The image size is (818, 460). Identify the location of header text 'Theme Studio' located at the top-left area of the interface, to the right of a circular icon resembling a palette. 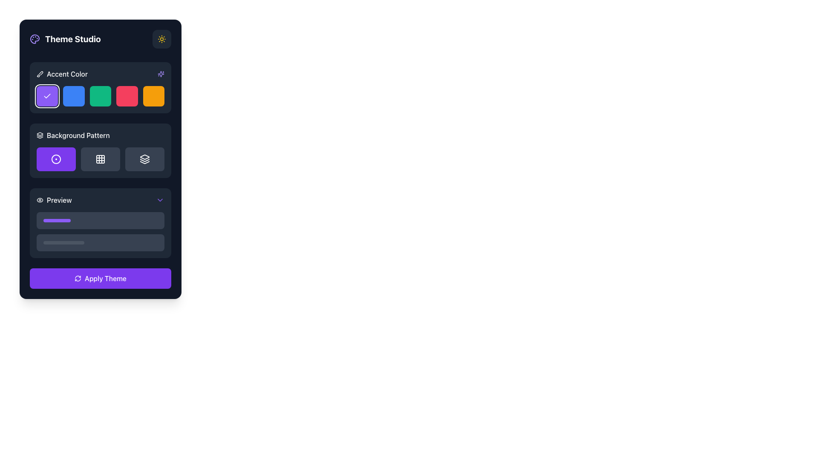
(73, 39).